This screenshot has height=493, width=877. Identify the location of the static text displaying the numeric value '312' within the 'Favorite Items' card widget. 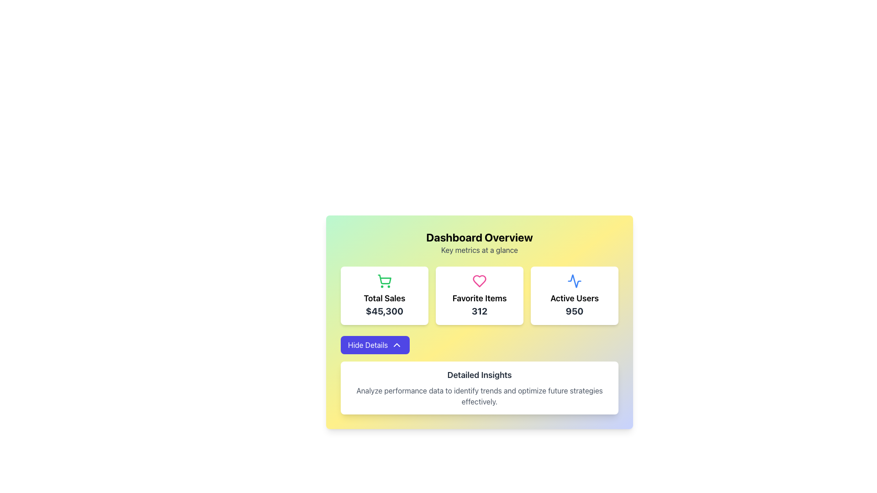
(479, 311).